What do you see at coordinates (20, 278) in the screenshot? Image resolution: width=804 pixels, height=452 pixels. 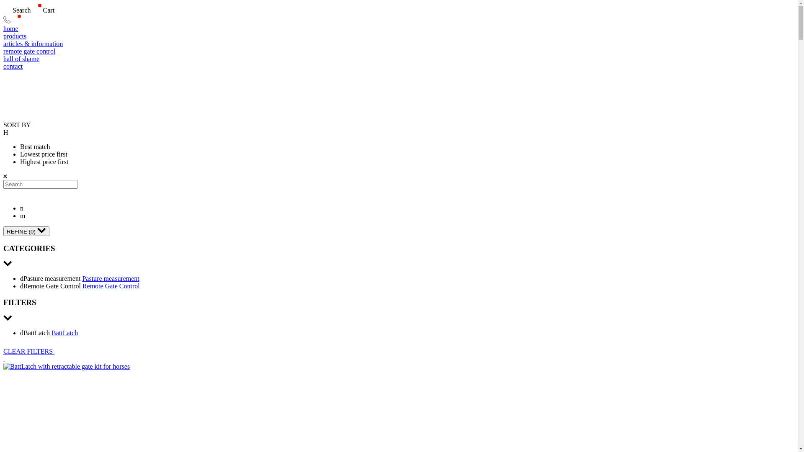 I see `'dPasture measurement'` at bounding box center [20, 278].